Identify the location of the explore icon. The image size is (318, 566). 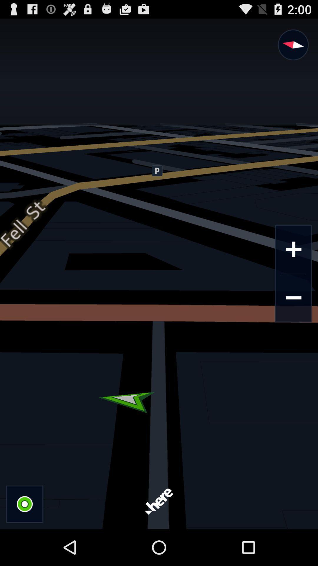
(292, 48).